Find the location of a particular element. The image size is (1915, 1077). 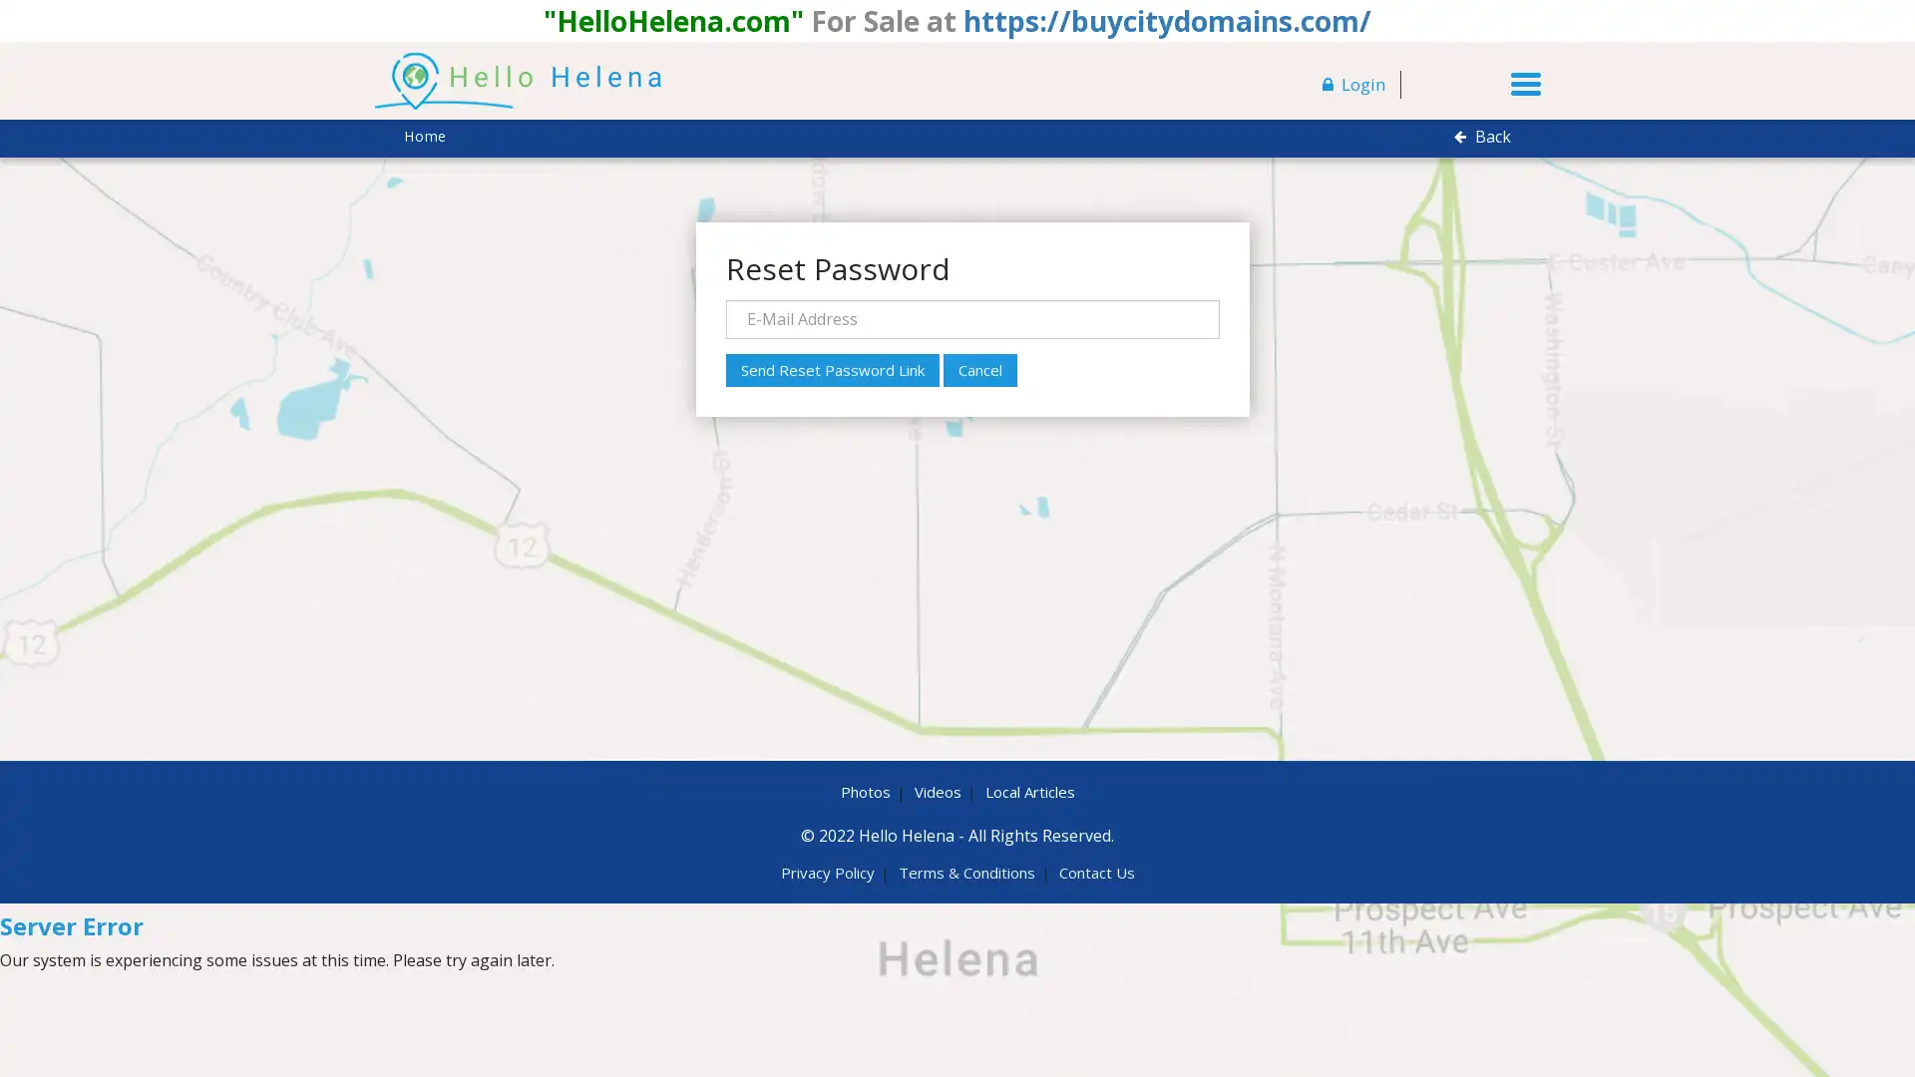

Cancel is located at coordinates (979, 369).